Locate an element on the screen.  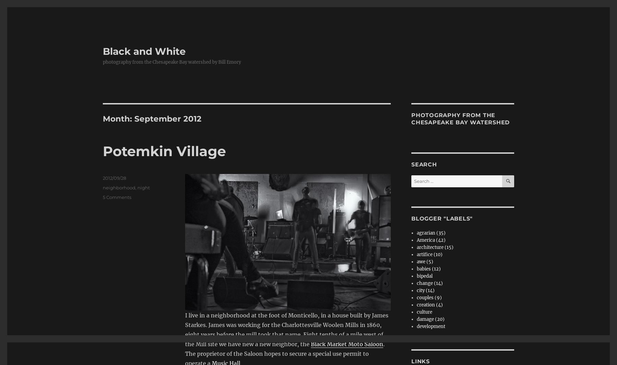
'neighborhood' is located at coordinates (119, 187).